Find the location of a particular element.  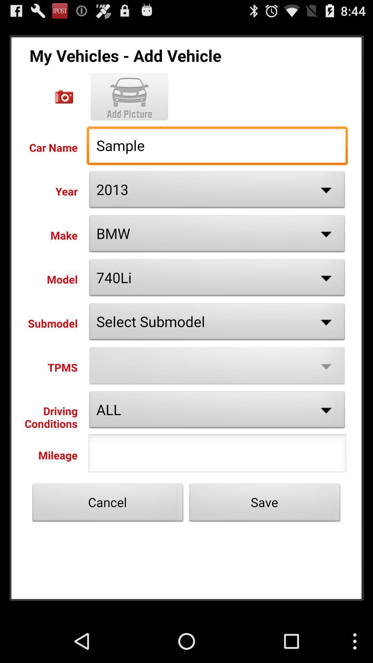

upload car image is located at coordinates (129, 96).